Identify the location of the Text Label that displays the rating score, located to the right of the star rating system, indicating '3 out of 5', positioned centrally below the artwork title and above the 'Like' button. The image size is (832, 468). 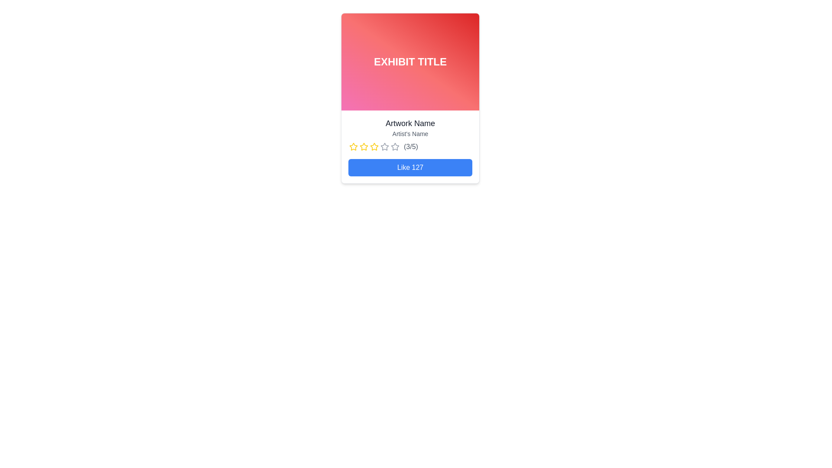
(410, 146).